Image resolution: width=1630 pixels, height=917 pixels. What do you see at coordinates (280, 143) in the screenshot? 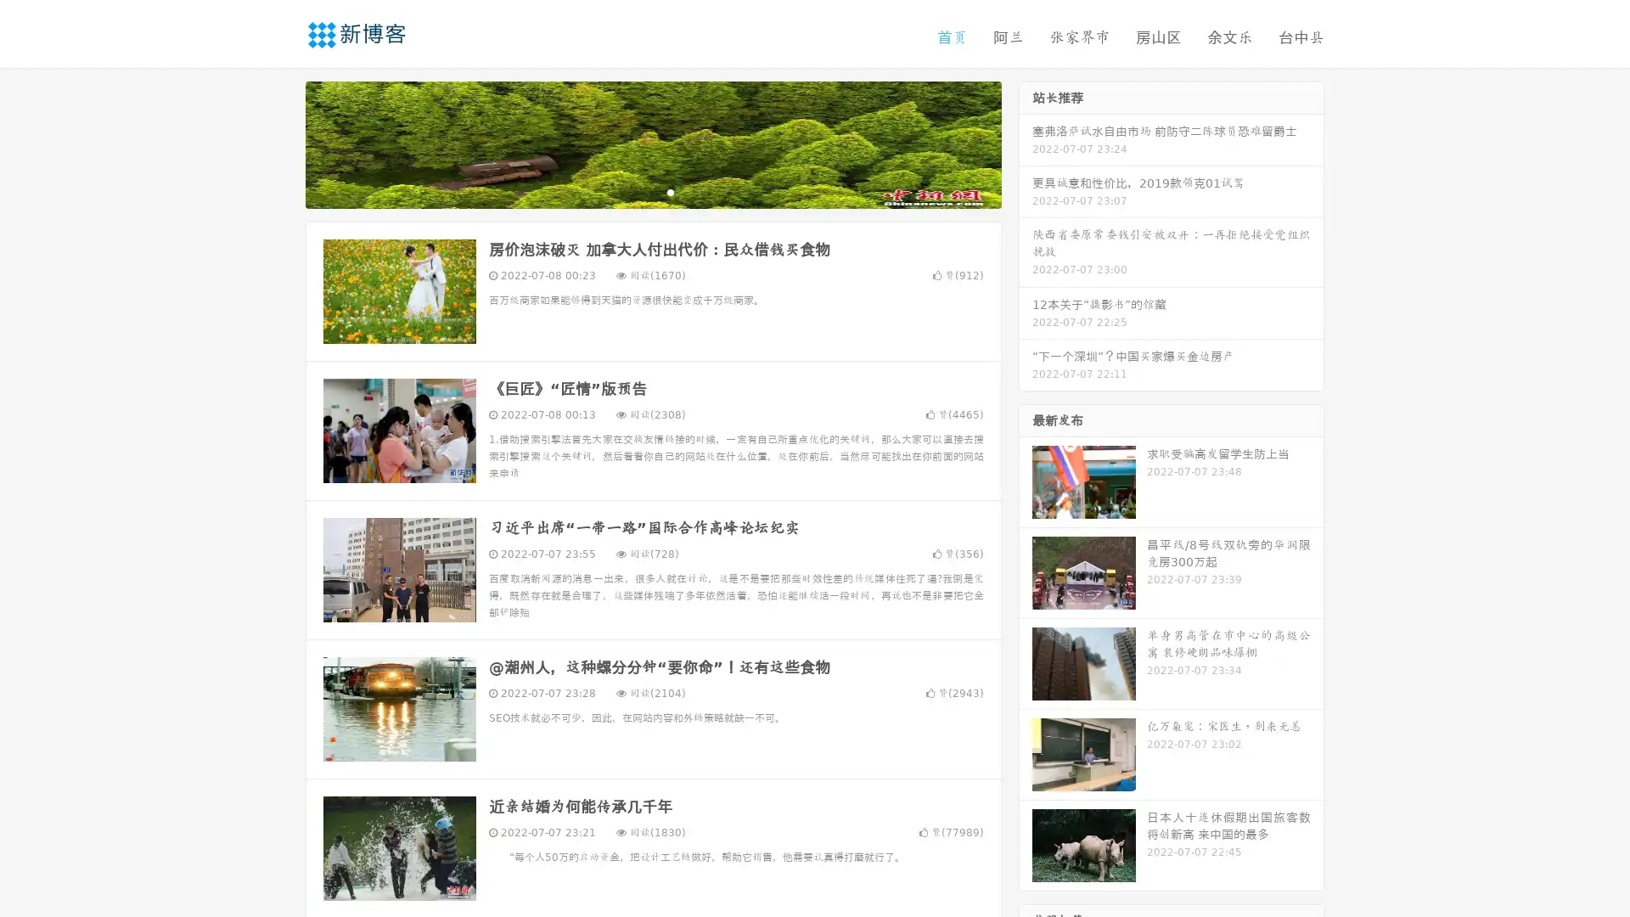
I see `Previous slide` at bounding box center [280, 143].